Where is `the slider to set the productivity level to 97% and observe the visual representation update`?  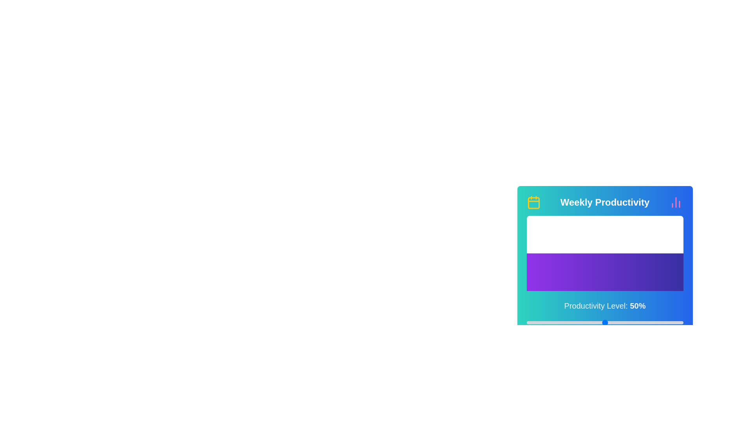 the slider to set the productivity level to 97% and observe the visual representation update is located at coordinates (678, 323).